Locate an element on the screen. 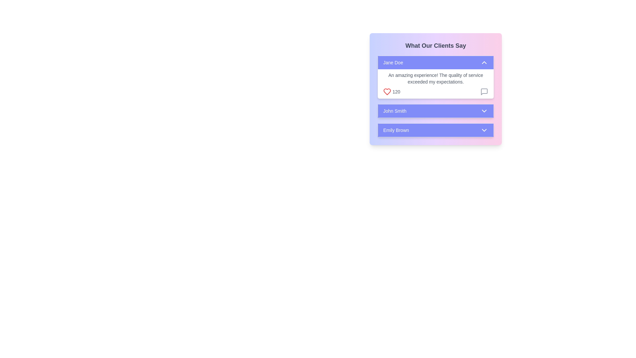 The image size is (636, 358). the message icon located in the client feedback section next to the feedback from 'Jane Doe' is located at coordinates (484, 92).